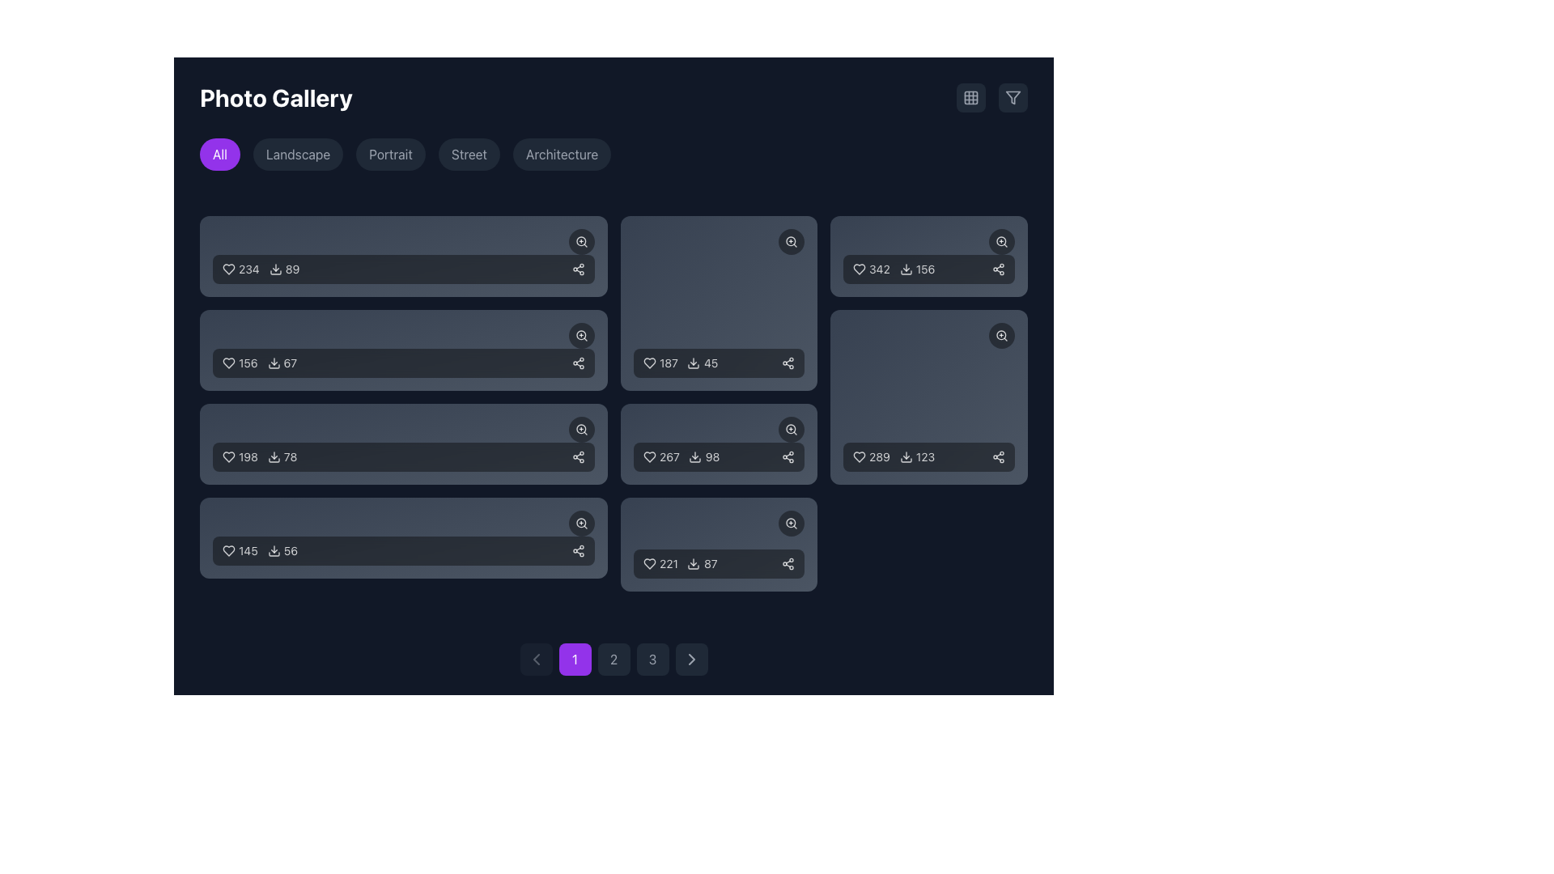  What do you see at coordinates (1000, 334) in the screenshot?
I see `the zoom-in graphical icon located at the bottom-right corner of the grid's placeholder` at bounding box center [1000, 334].